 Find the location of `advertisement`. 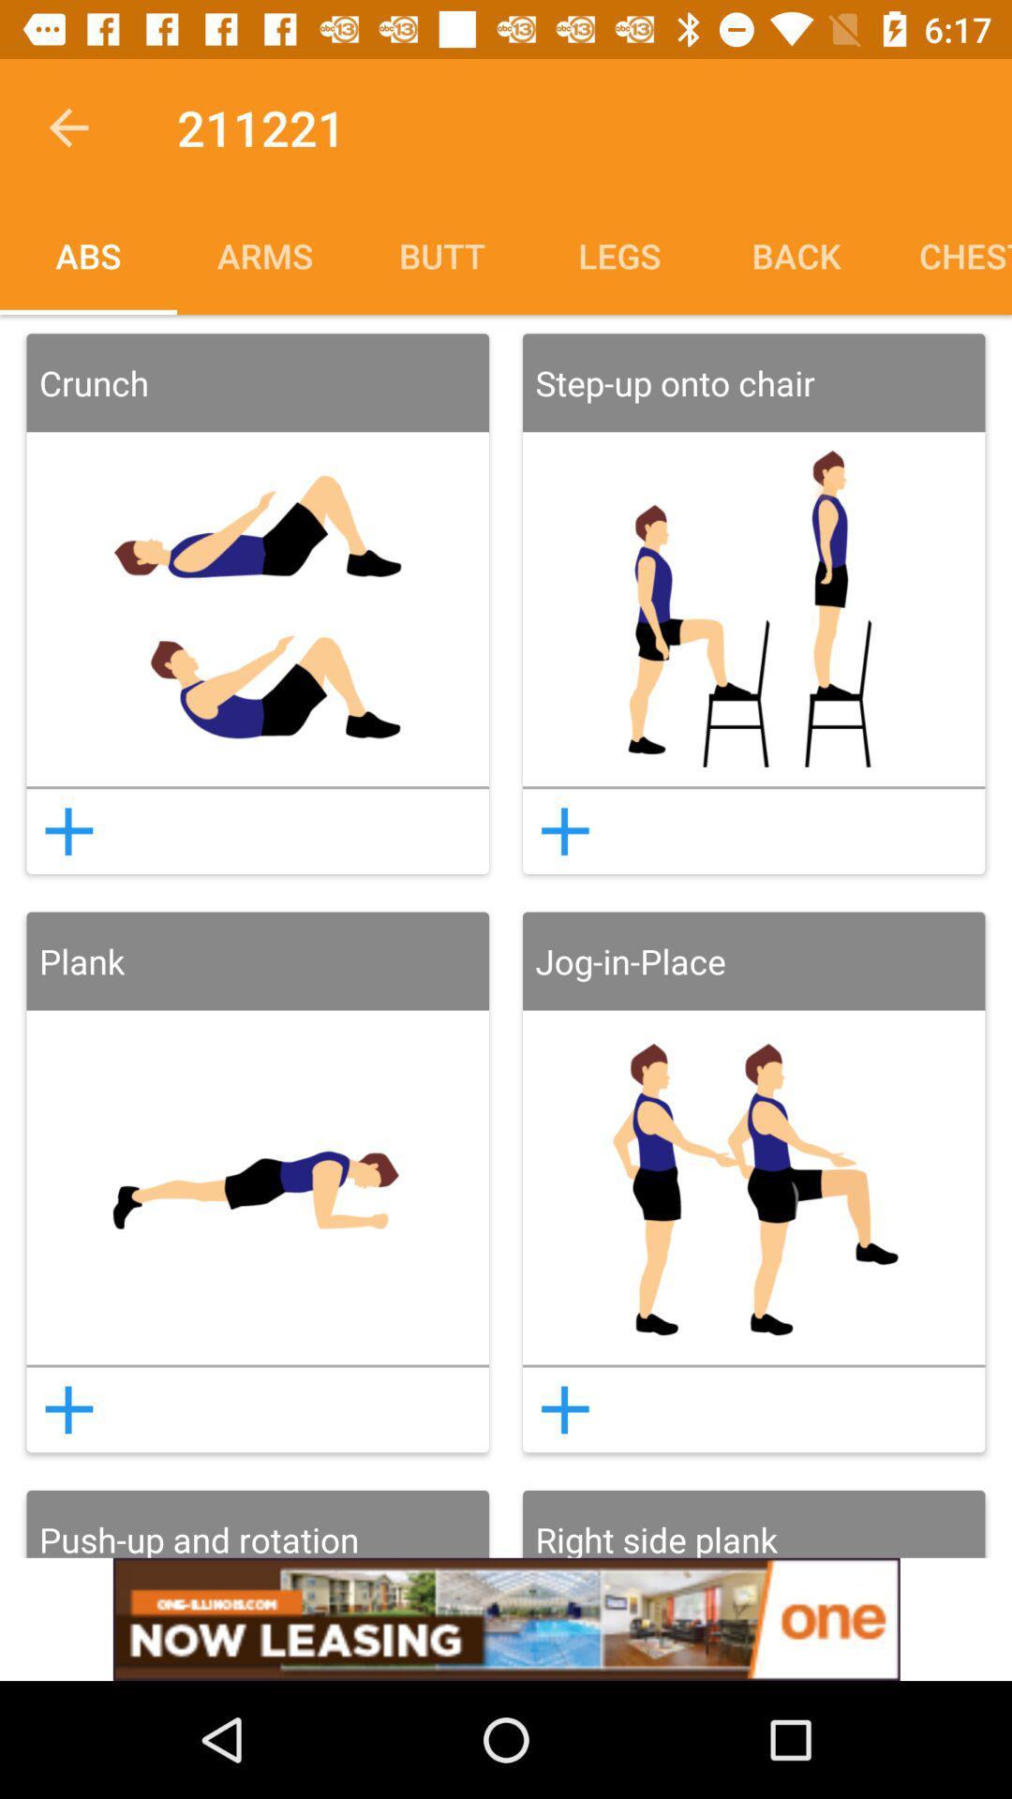

advertisement is located at coordinates (506, 1618).